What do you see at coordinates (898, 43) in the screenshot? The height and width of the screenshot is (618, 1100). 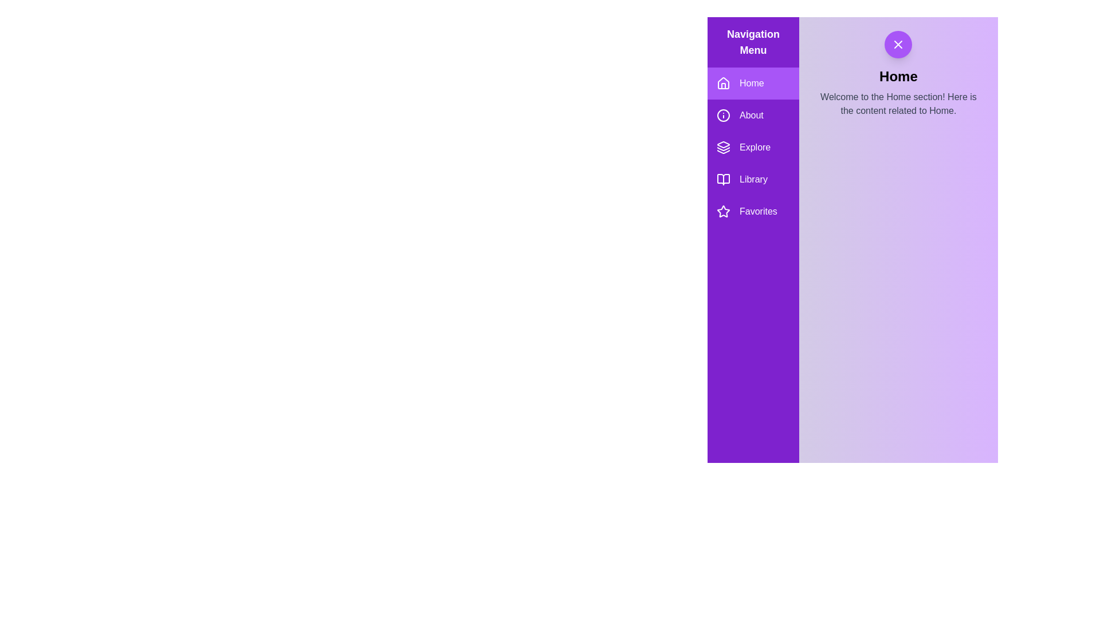 I see `toggle button located in the top-right corner of the interface to toggle the drawer visibility` at bounding box center [898, 43].